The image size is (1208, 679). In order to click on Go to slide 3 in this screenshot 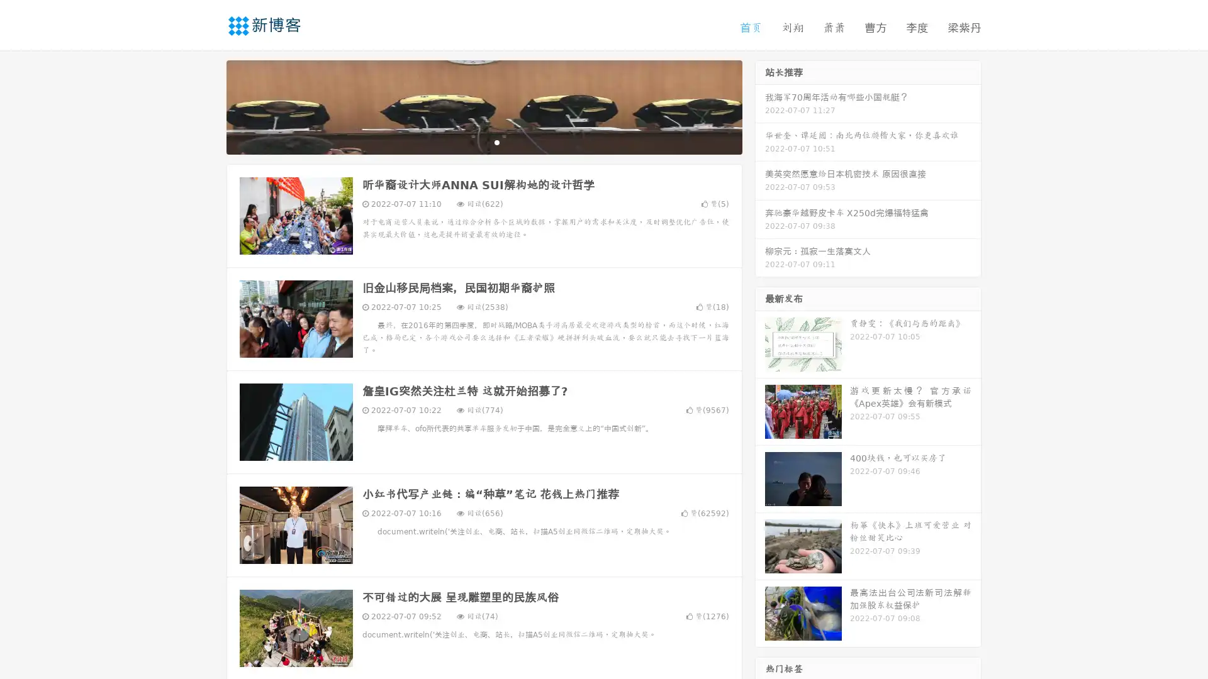, I will do `click(496, 141)`.